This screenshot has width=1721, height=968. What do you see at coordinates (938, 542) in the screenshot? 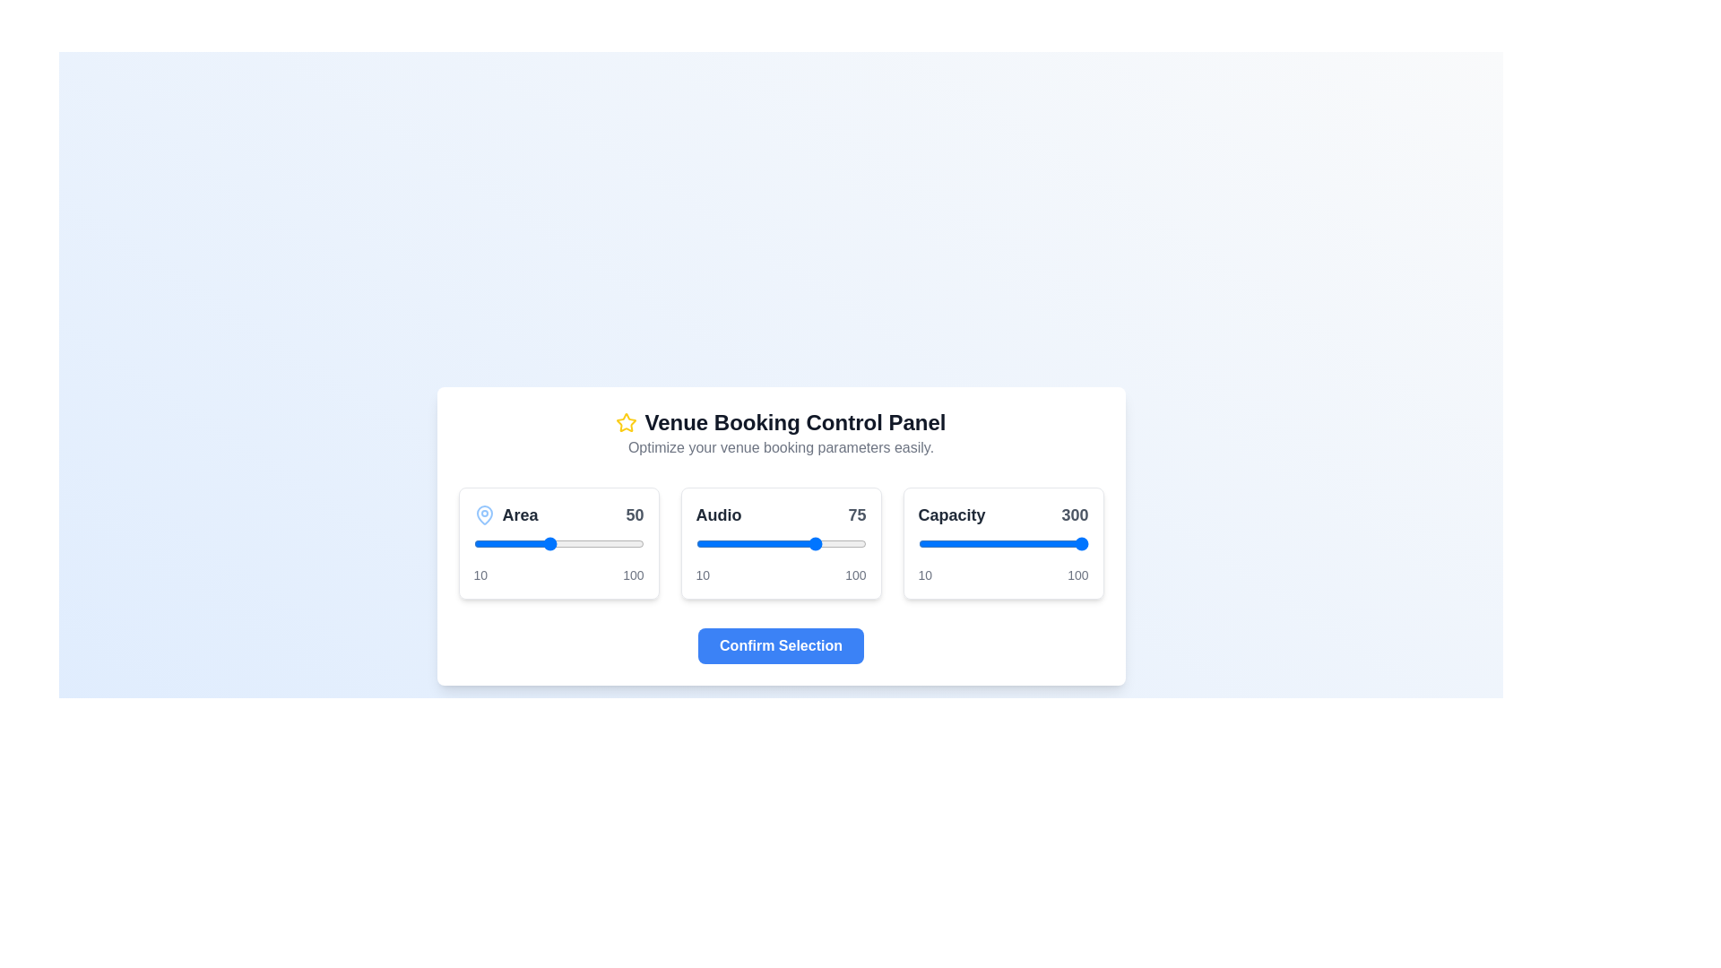
I see `capacity` at bounding box center [938, 542].